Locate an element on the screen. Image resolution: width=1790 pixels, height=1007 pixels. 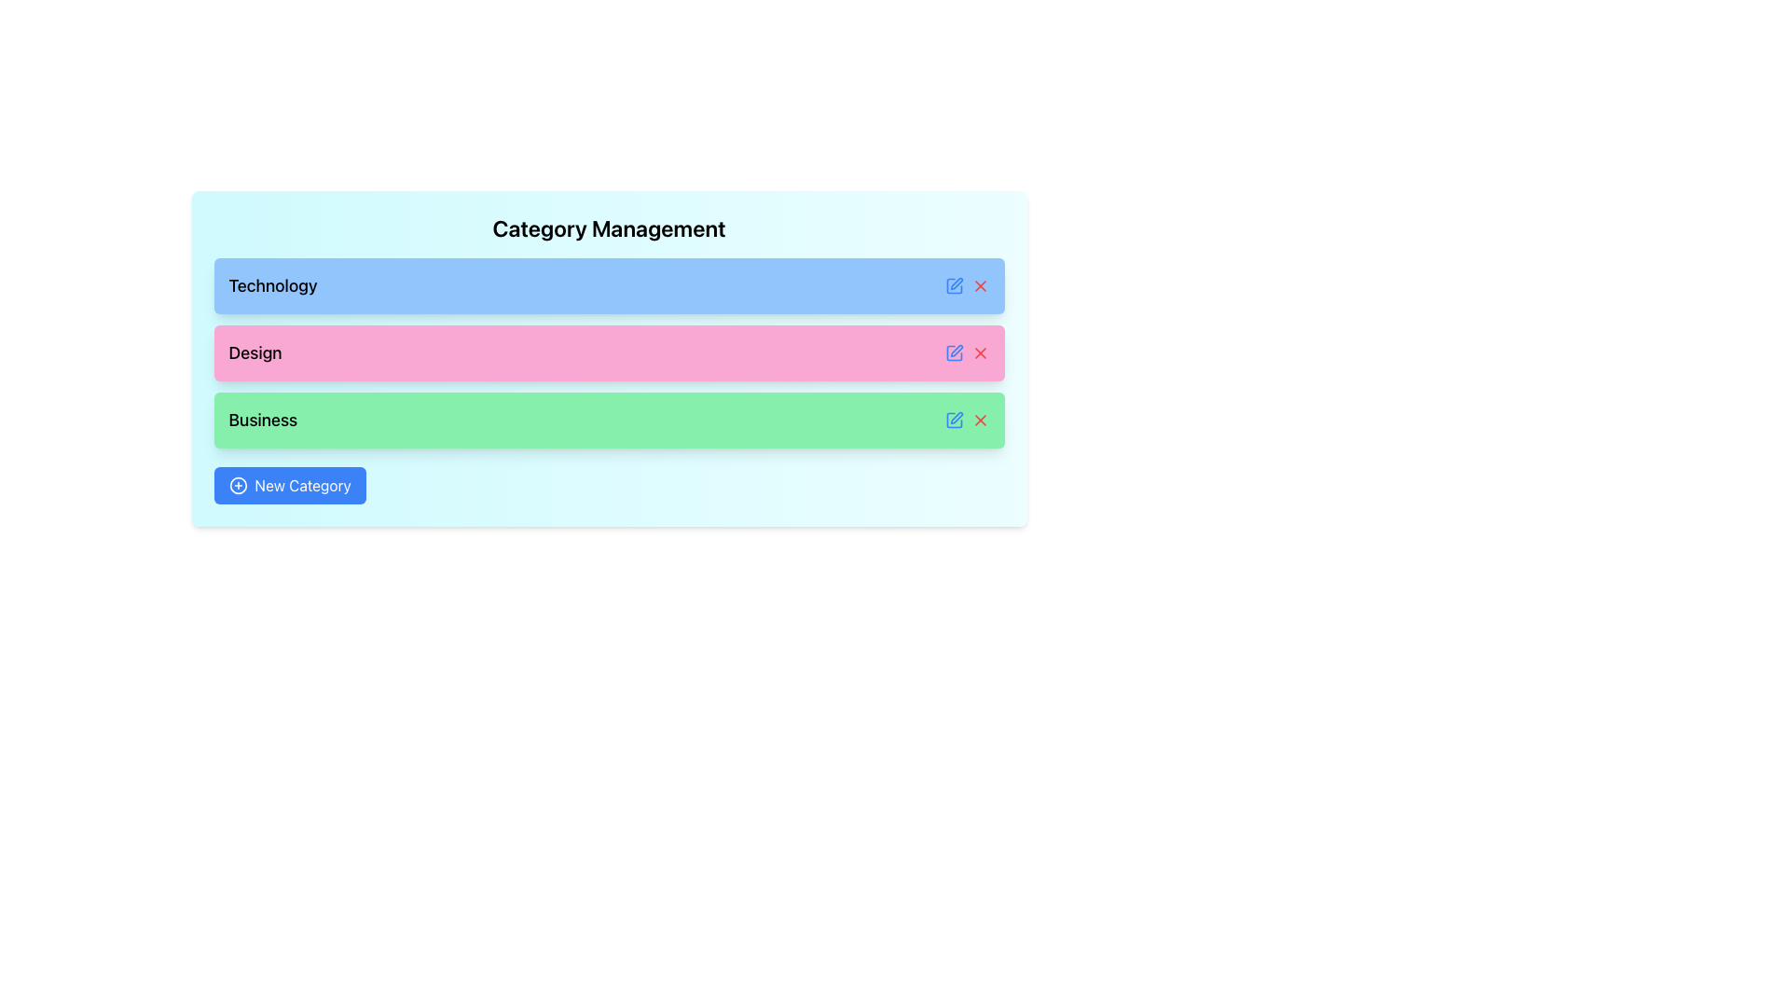
the edit button located to the right of the 'Design' label in the pink section of the second row, to initiate an edit action is located at coordinates (957, 351).